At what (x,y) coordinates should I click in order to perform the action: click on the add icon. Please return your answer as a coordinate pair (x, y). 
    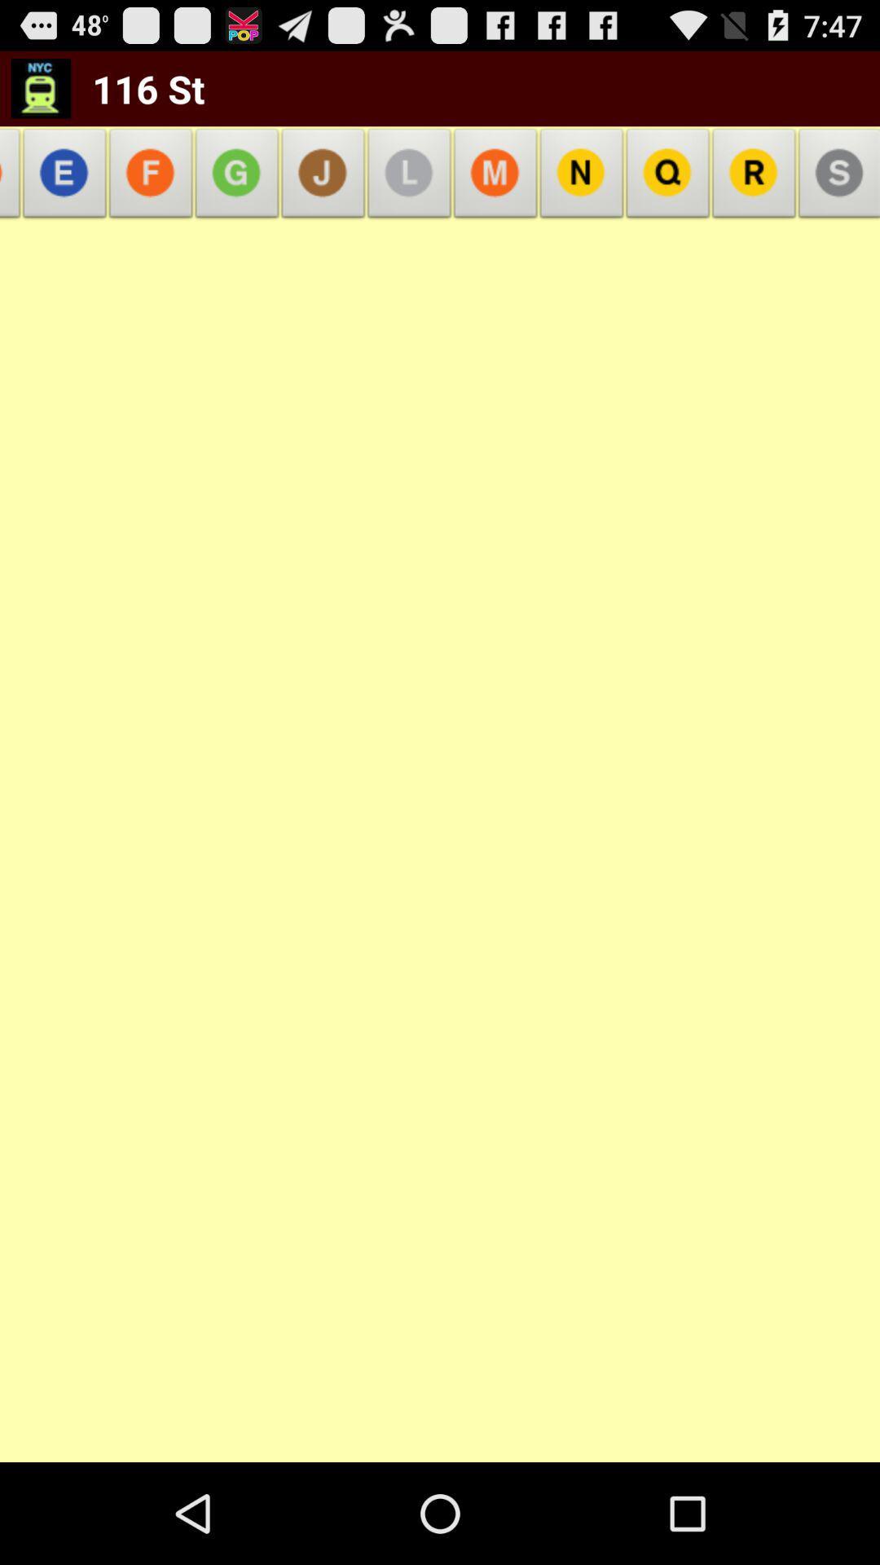
    Looking at the image, I should click on (237, 190).